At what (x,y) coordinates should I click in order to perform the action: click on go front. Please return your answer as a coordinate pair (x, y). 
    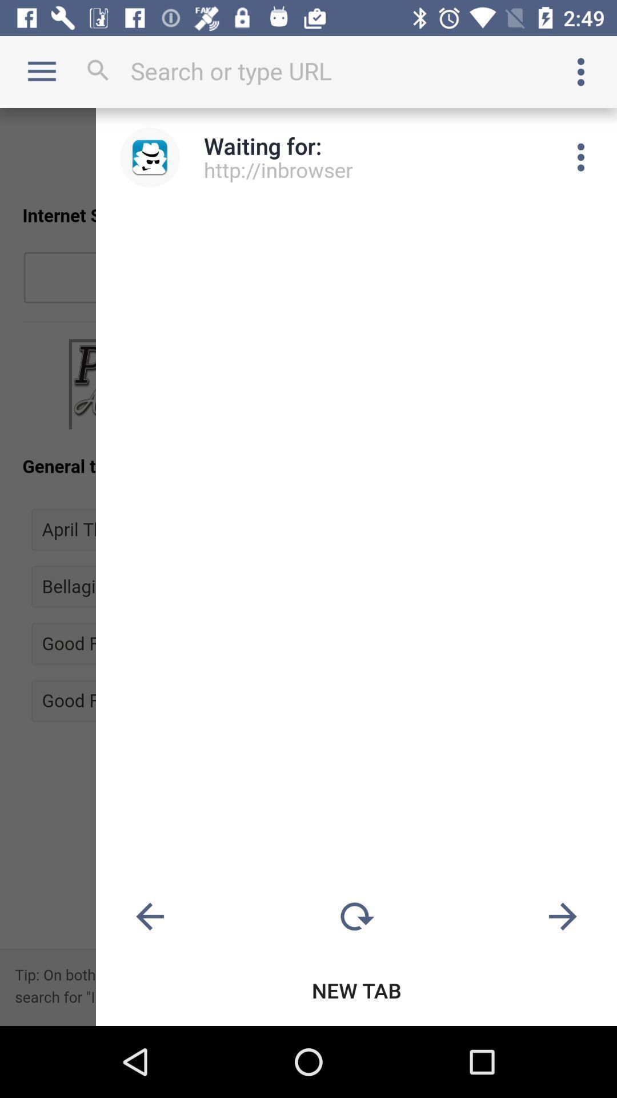
    Looking at the image, I should click on (562, 917).